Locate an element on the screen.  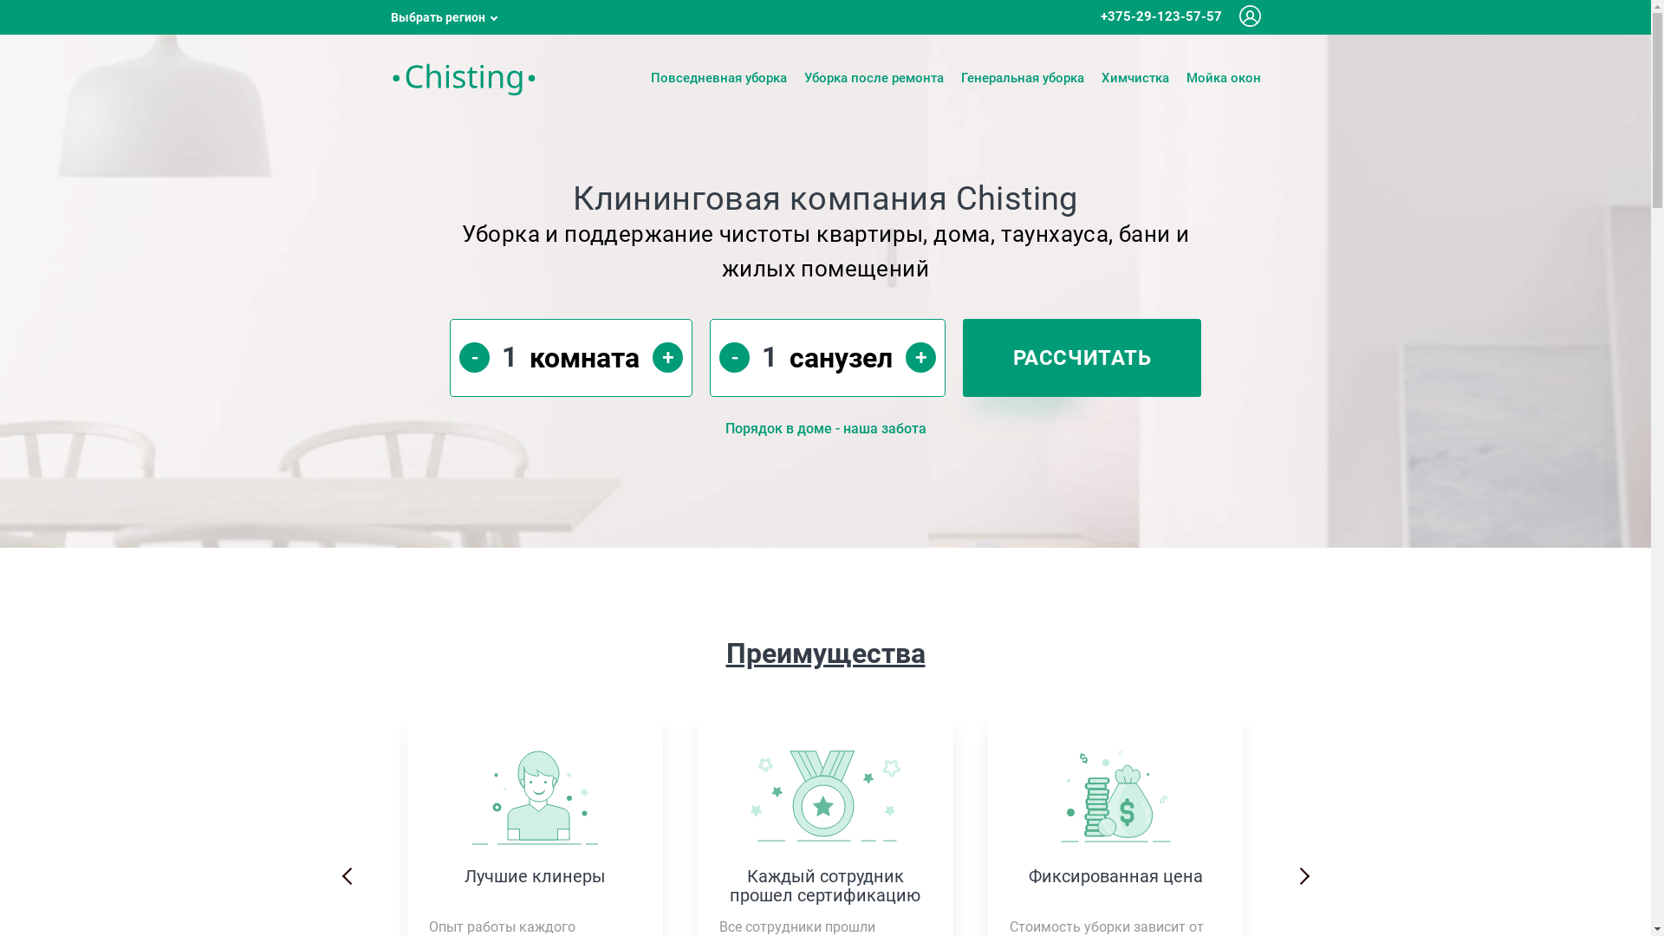
'+375-29-123-57-57' is located at coordinates (1090, 16).